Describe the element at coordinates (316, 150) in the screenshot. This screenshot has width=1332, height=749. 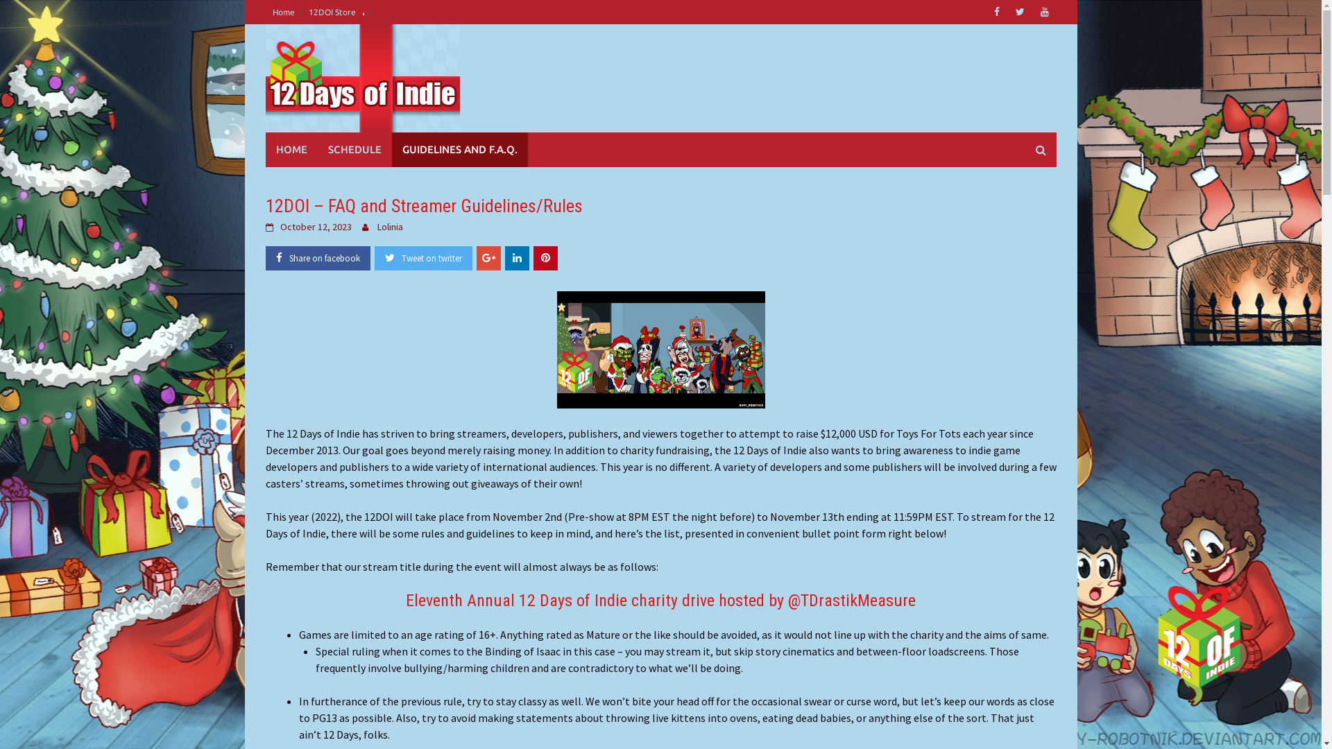
I see `'SCHEDULE'` at that location.